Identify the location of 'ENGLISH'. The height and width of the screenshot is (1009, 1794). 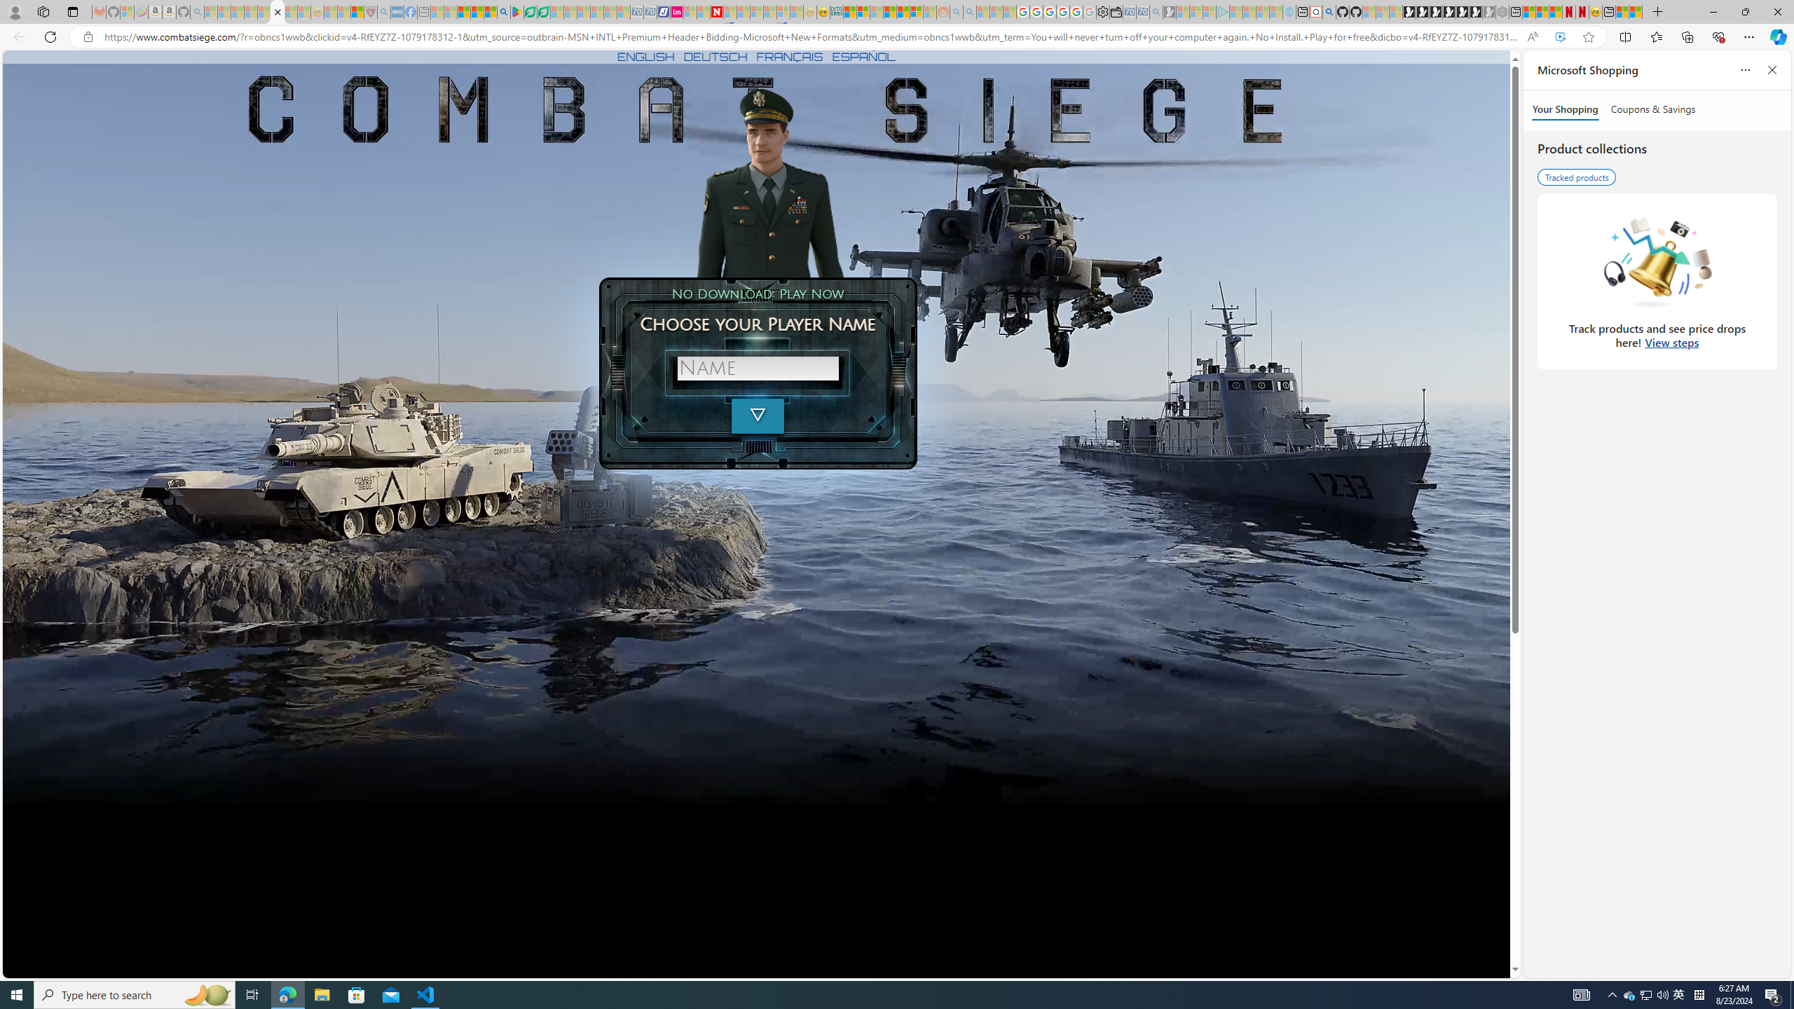
(645, 56).